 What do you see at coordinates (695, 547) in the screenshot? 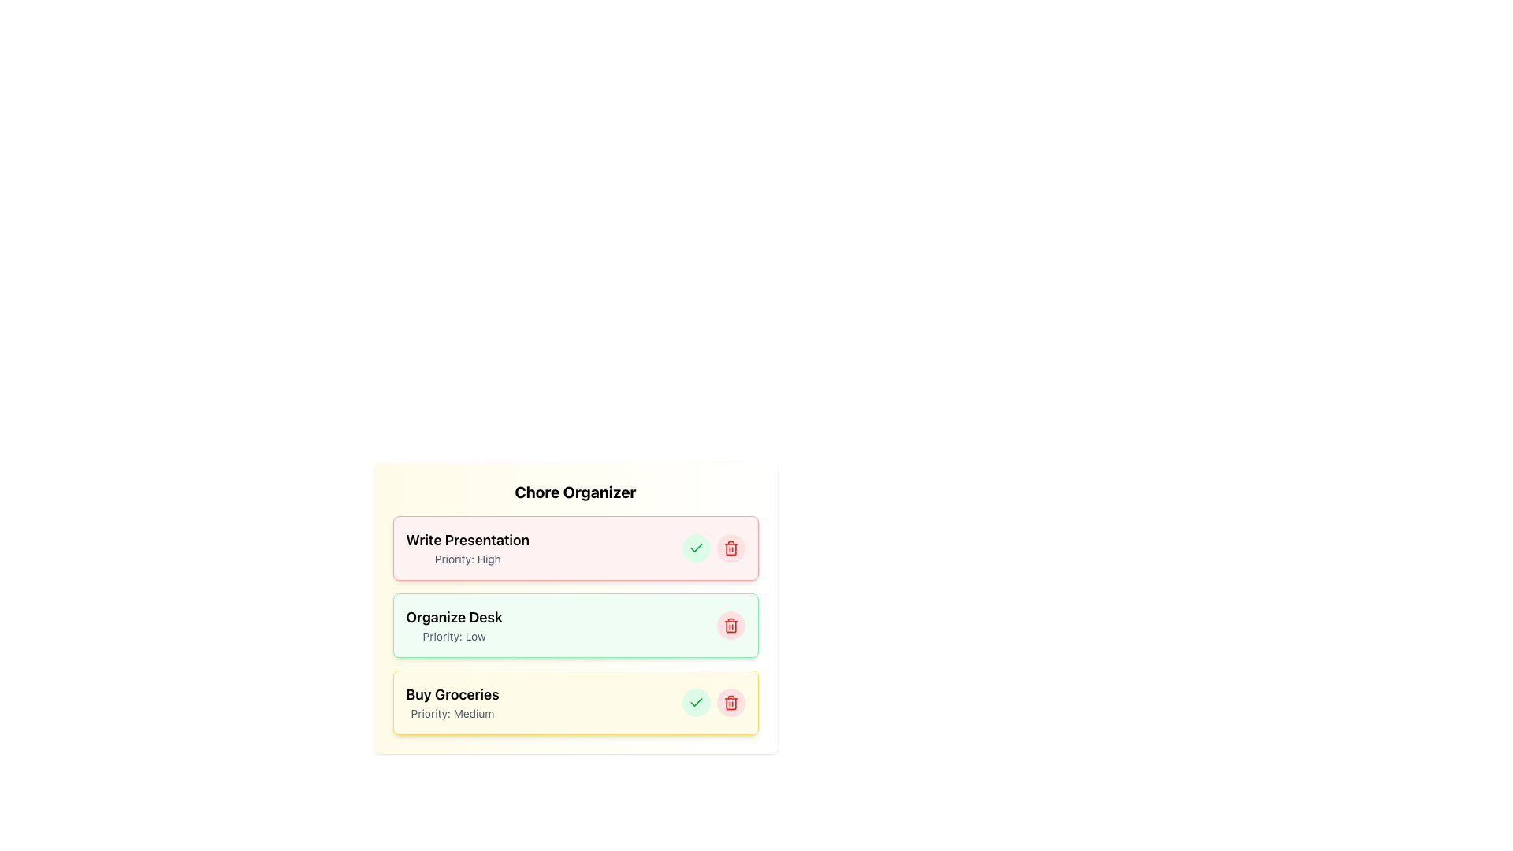
I see `the circular button with a light green background and a green checkmark icon in the top-right corner of the 'Write Presentation - Priority: High' card within the 'Chore Organizer' interface using keyboard navigation` at bounding box center [695, 547].